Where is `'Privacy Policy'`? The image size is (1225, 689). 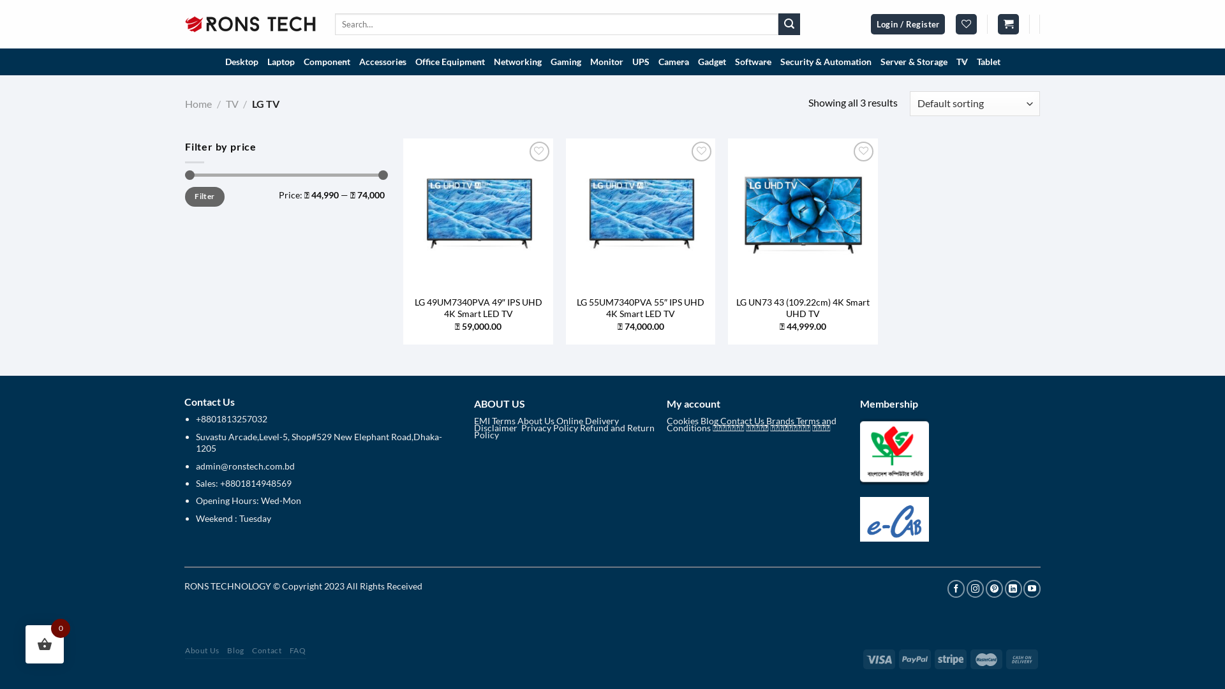
'Privacy Policy' is located at coordinates (521, 427).